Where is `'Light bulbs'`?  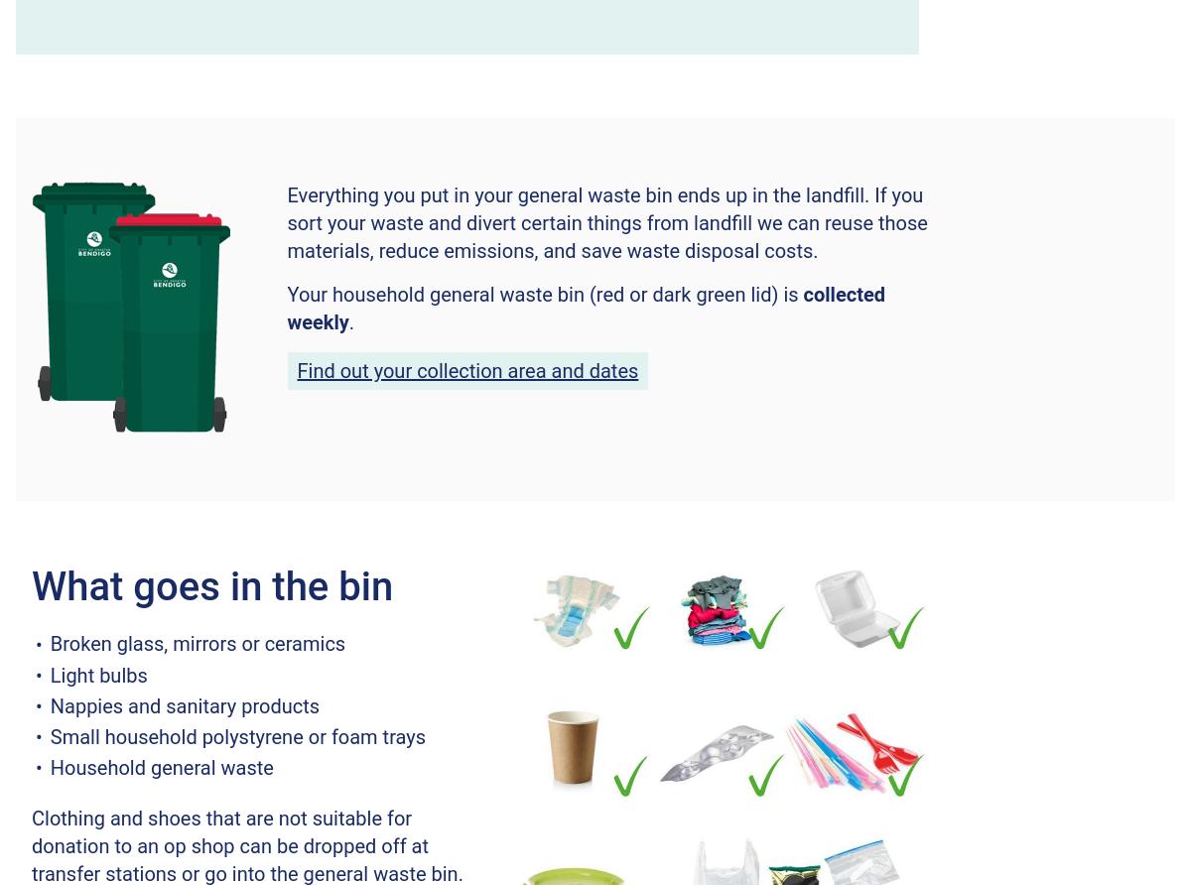 'Light bulbs' is located at coordinates (98, 674).